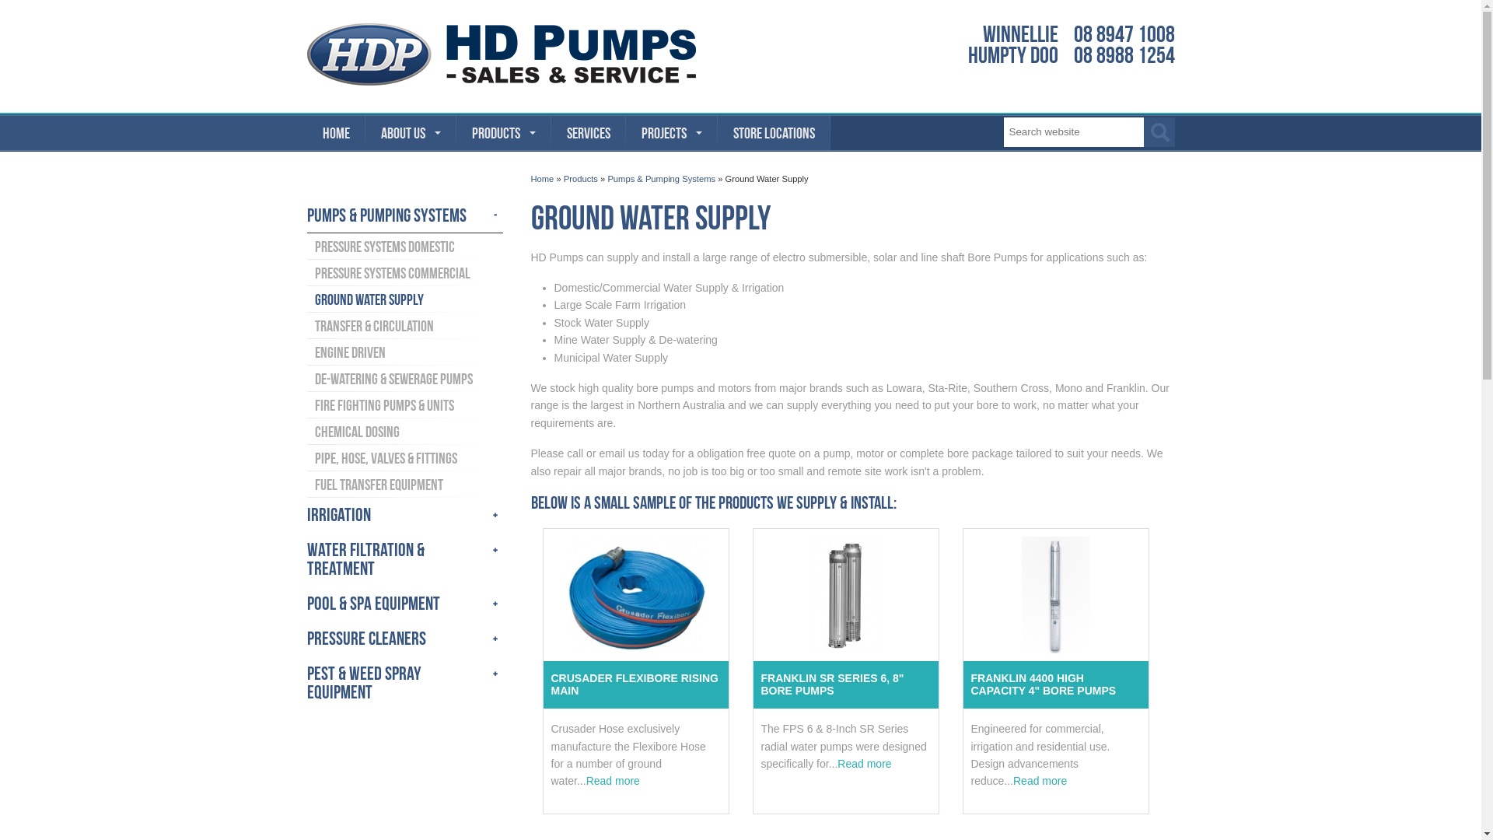 The height and width of the screenshot is (840, 1493). What do you see at coordinates (404, 245) in the screenshot?
I see `'PRESSURE SYSTEMS DOMESTIC'` at bounding box center [404, 245].